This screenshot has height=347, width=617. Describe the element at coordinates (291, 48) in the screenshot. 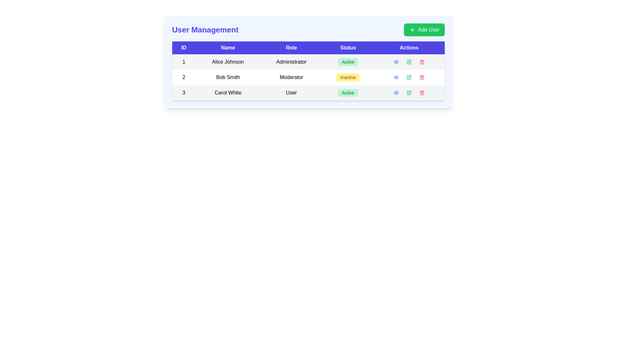

I see `the 'Role' header label, which is styled with a bold white font on a purple background and is the third header in a table layout` at that location.